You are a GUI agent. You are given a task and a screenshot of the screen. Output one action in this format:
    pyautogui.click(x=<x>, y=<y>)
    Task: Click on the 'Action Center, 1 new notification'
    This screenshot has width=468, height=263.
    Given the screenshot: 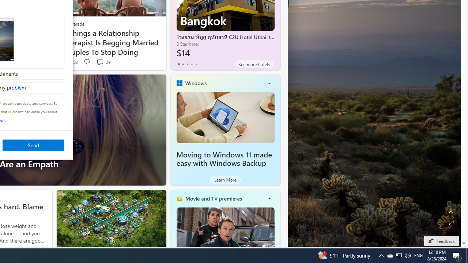 What is the action you would take?
    pyautogui.click(x=457, y=255)
    